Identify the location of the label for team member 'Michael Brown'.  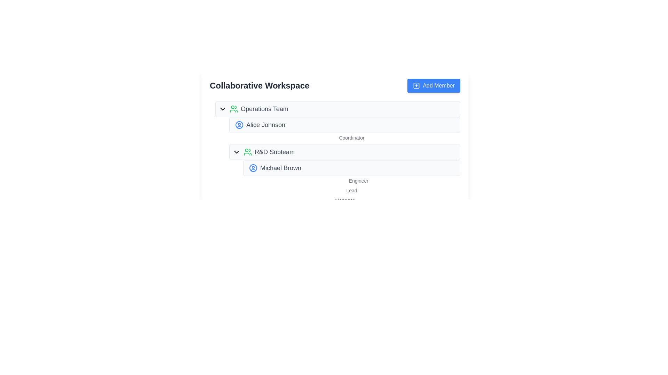
(275, 168).